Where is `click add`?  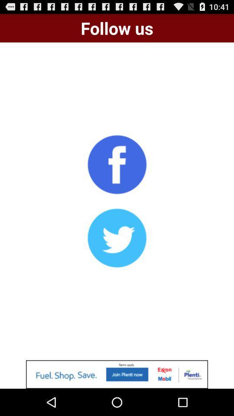
click add is located at coordinates (117, 374).